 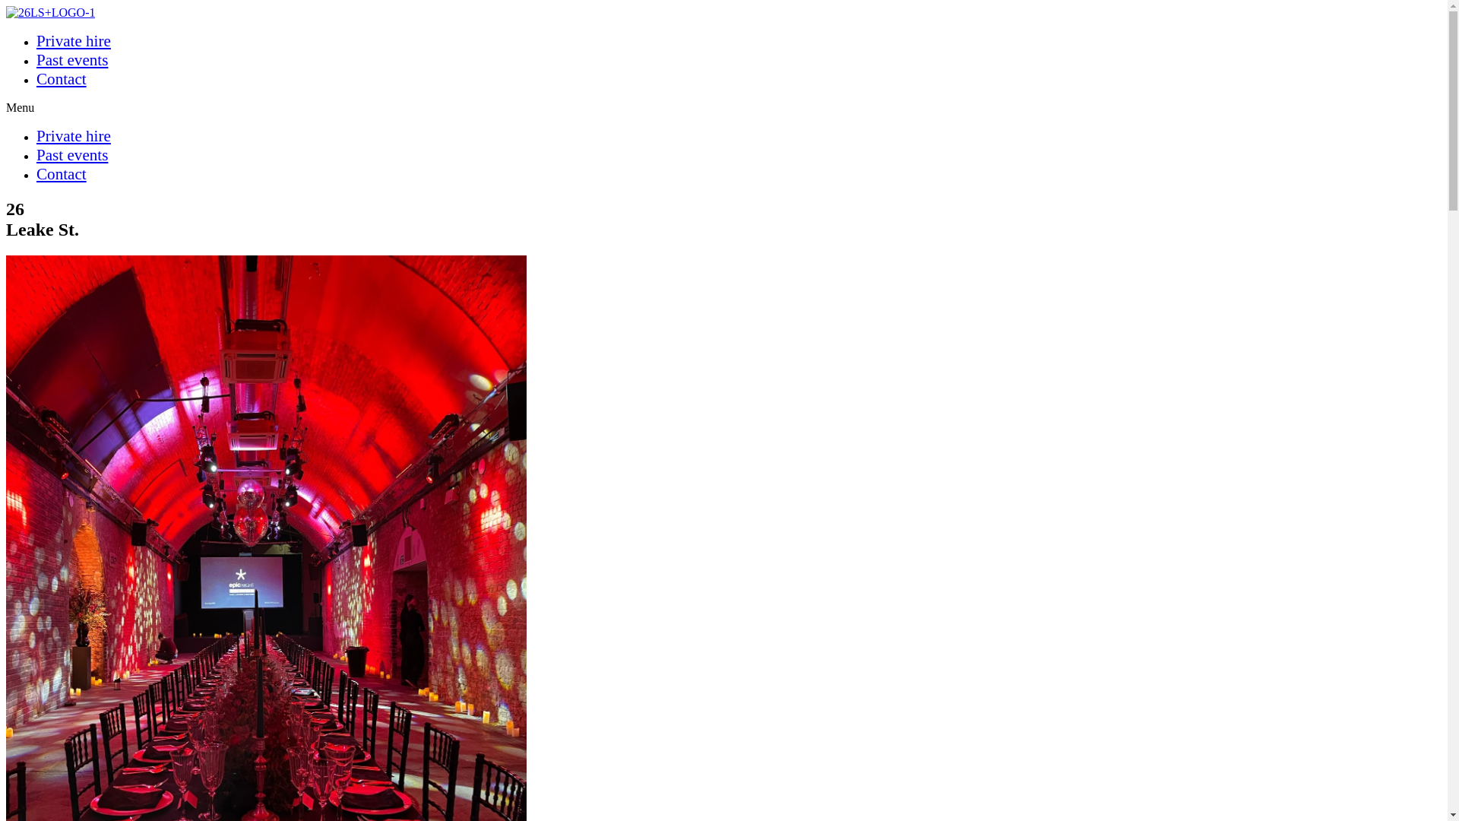 I want to click on 'Private hire', so click(x=72, y=135).